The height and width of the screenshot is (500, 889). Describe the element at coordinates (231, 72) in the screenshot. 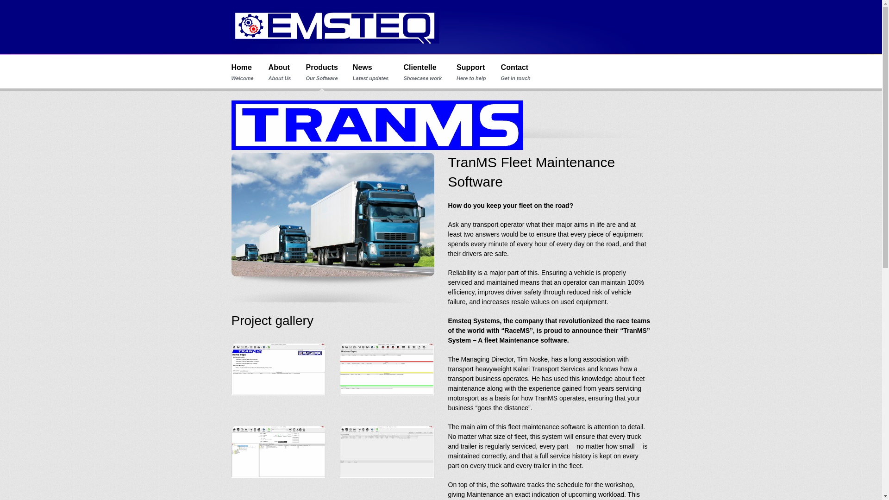

I see `'Home` at that location.